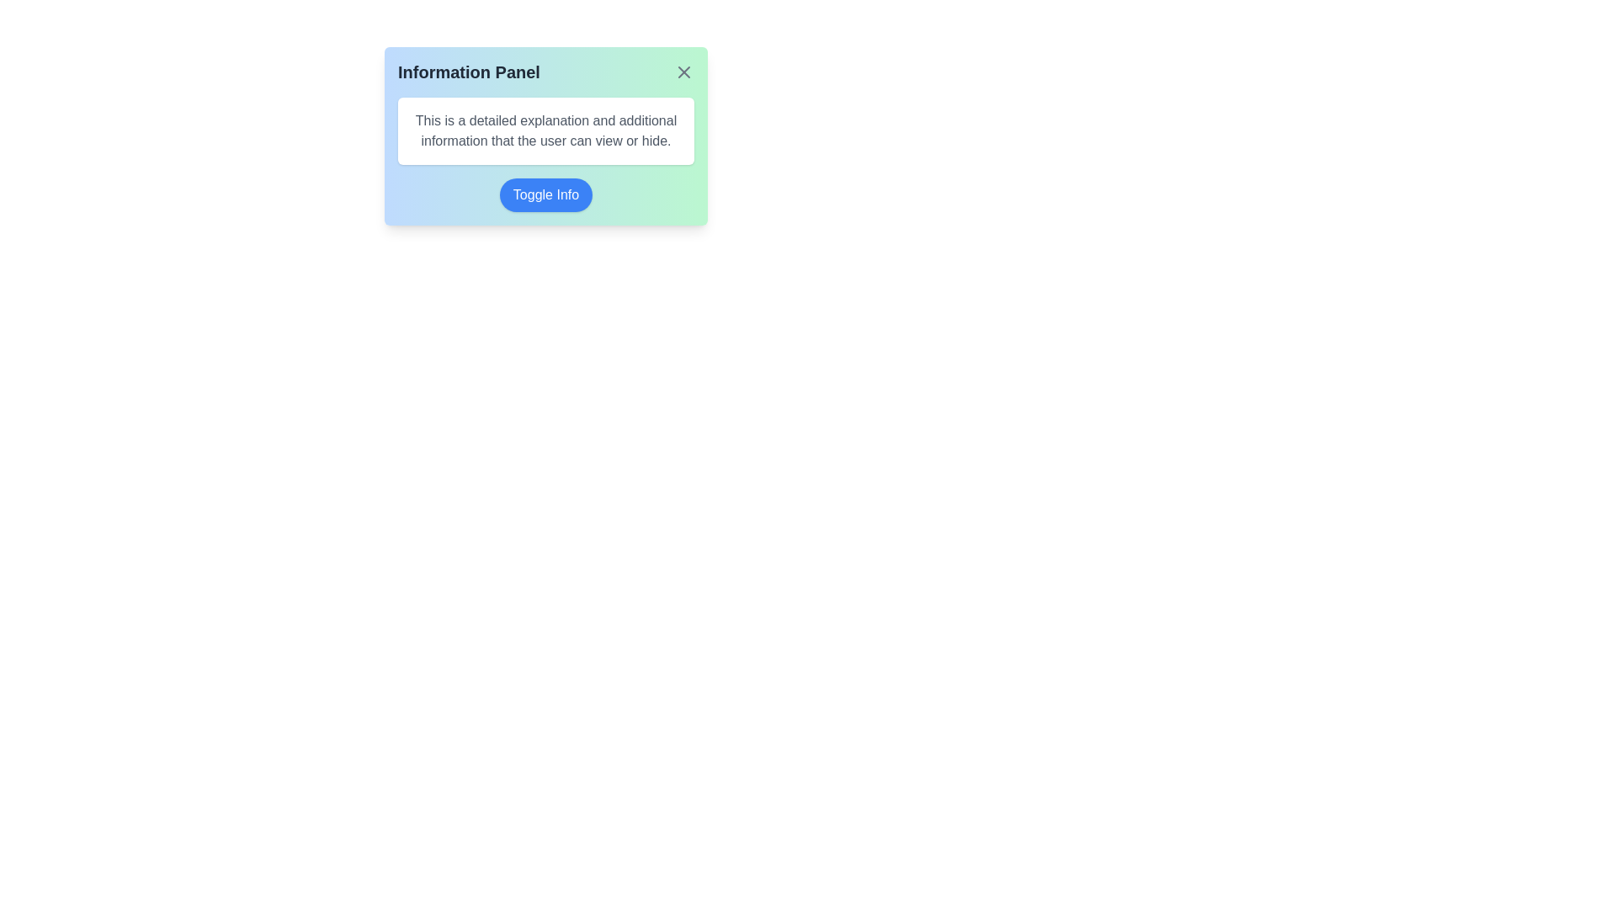 The image size is (1616, 909). Describe the element at coordinates (683, 71) in the screenshot. I see `the close button located in the top right corner of the 'Information Panel'` at that location.